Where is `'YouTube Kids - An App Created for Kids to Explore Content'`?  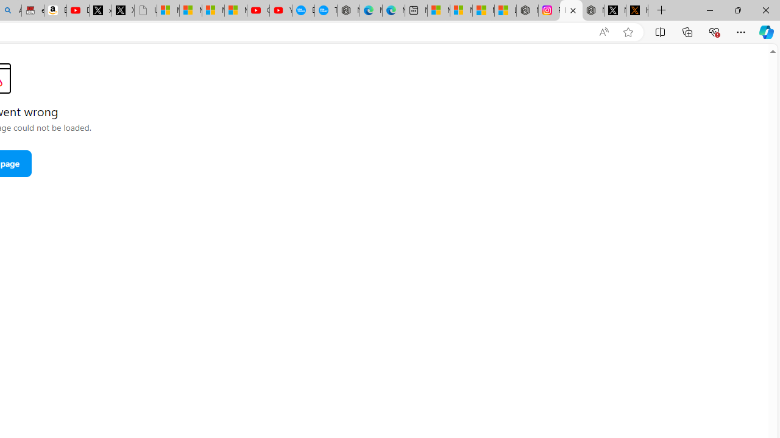 'YouTube Kids - An App Created for Kids to Explore Content' is located at coordinates (280, 10).